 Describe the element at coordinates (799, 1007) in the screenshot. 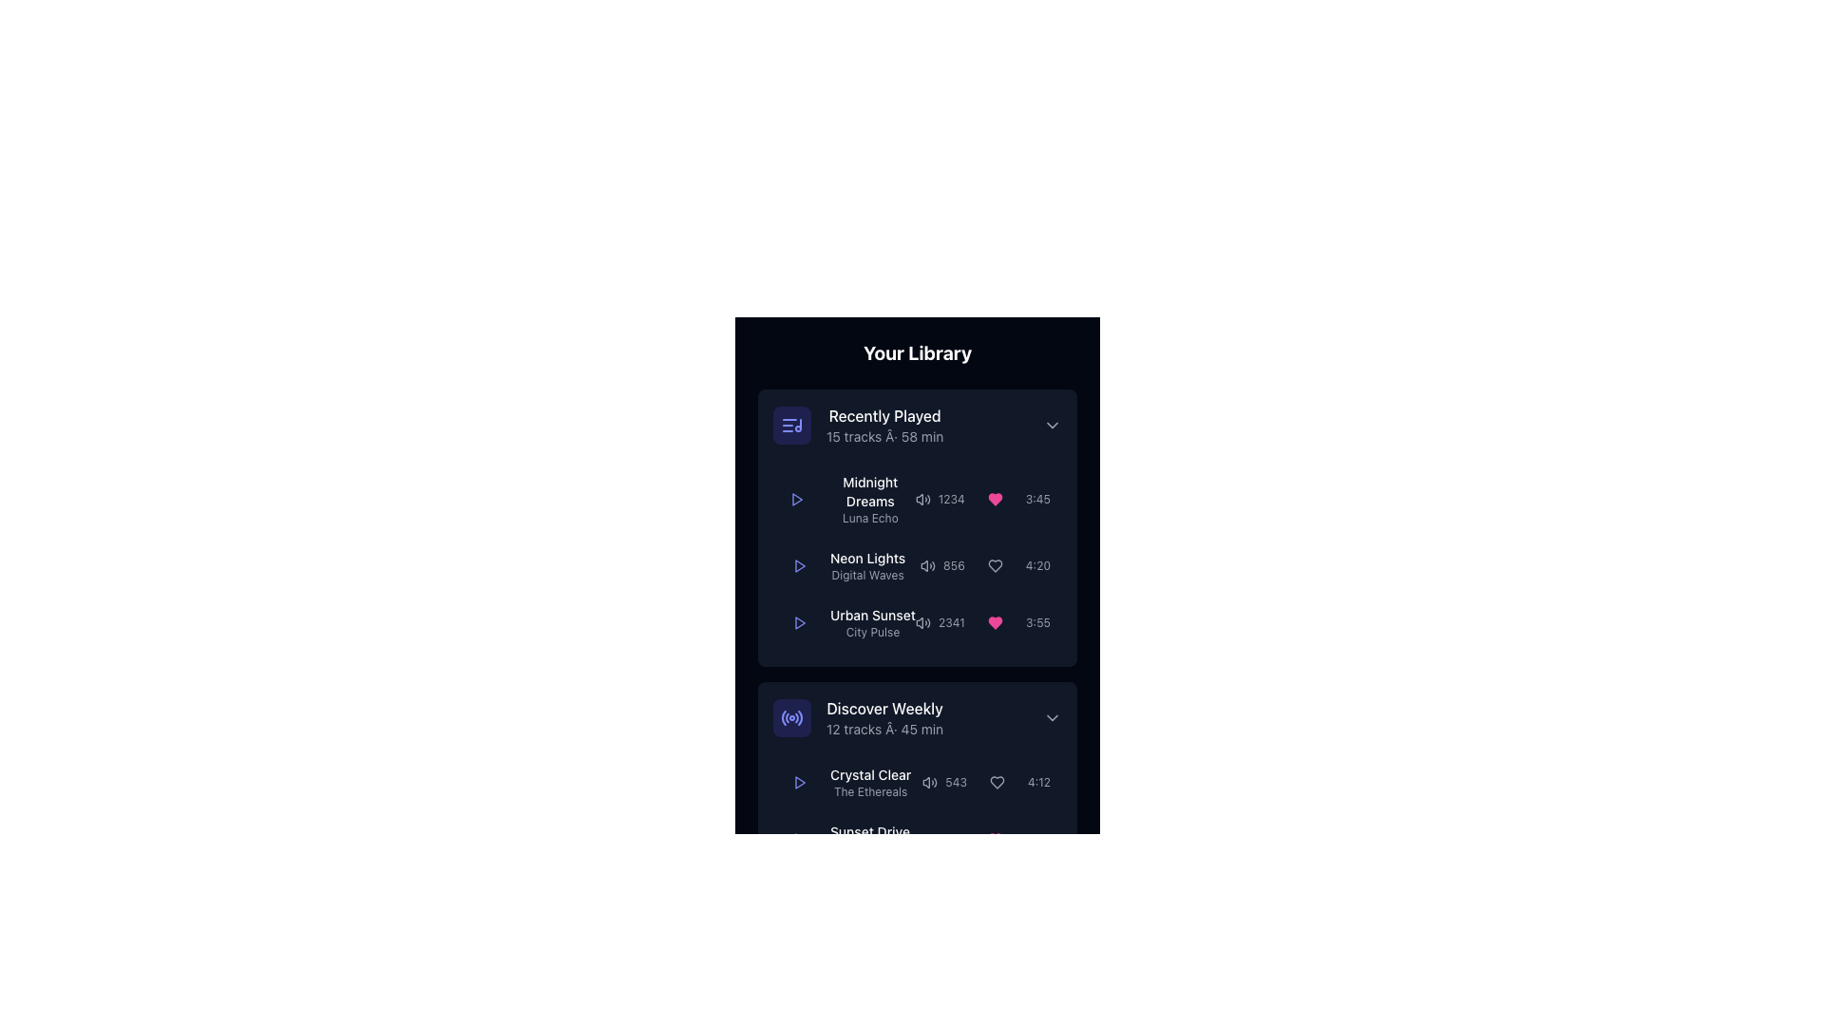

I see `the play button located towards the left of the interface, which is used to initiate playback of audio or video content related to 'Ocean Breeze' and 'Wave Makers'` at that location.